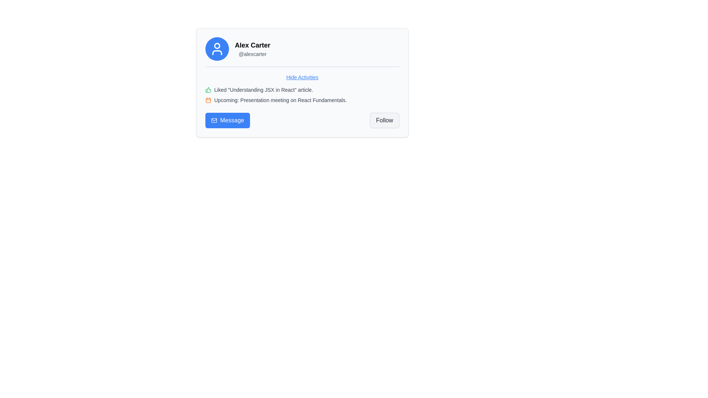 Image resolution: width=708 pixels, height=398 pixels. Describe the element at coordinates (253, 49) in the screenshot. I see `text content of the styled username and handle text block, which is positioned centrally at the top of a card-like layout, directly to the right of a user icon` at that location.